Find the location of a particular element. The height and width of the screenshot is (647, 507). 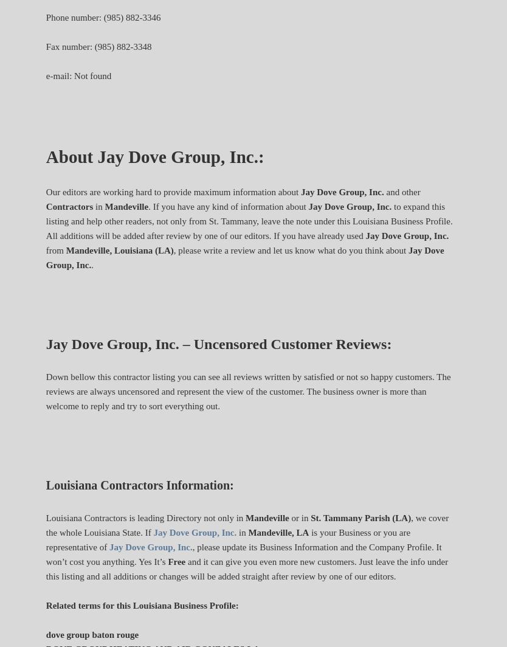

'.' is located at coordinates (91, 265).